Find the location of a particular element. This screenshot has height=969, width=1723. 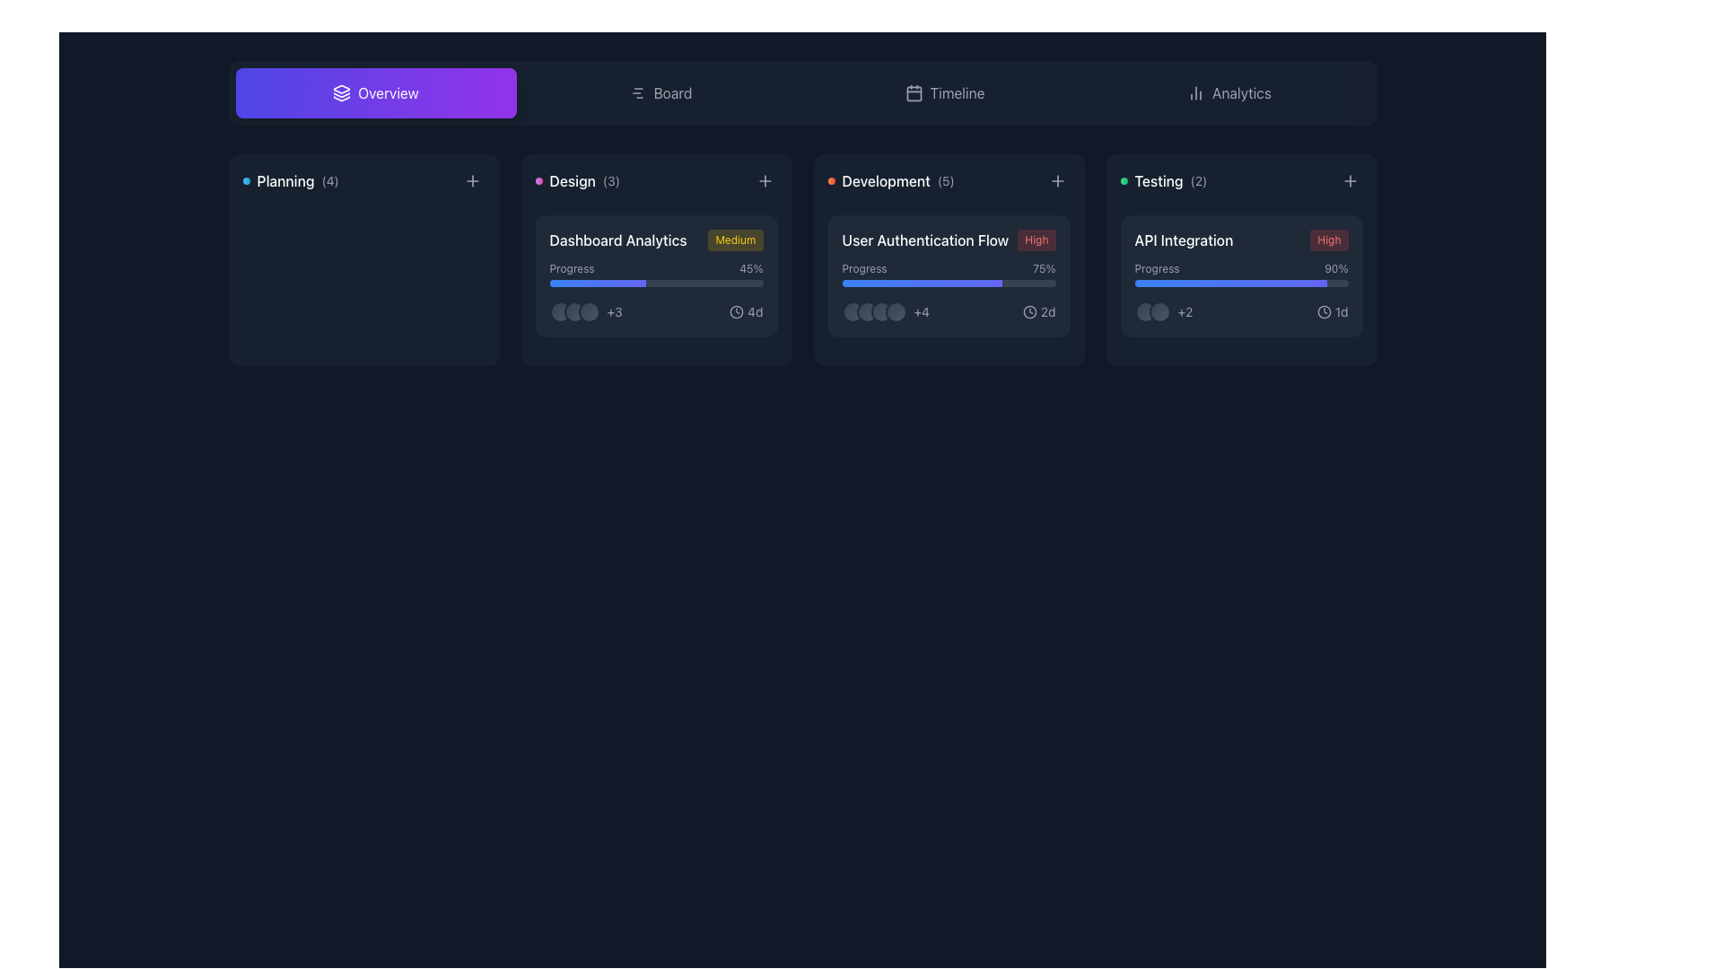

the time icon located in the 'Dashboard Analytics' card under the 'Design' category, positioned directly to the left of the text '4d' is located at coordinates (737, 310).